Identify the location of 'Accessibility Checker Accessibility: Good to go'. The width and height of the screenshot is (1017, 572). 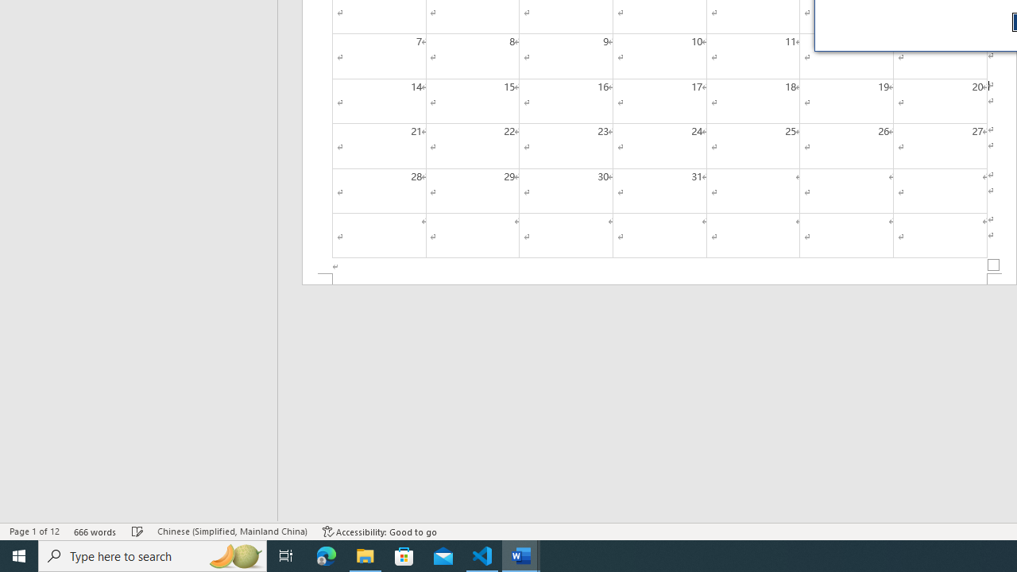
(379, 531).